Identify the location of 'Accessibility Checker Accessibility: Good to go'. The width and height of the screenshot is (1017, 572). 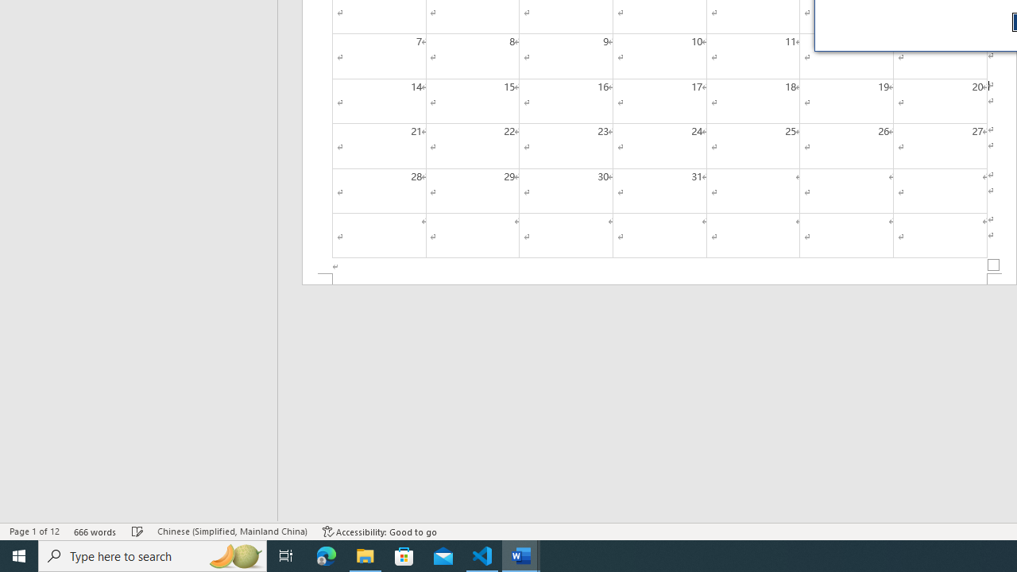
(379, 531).